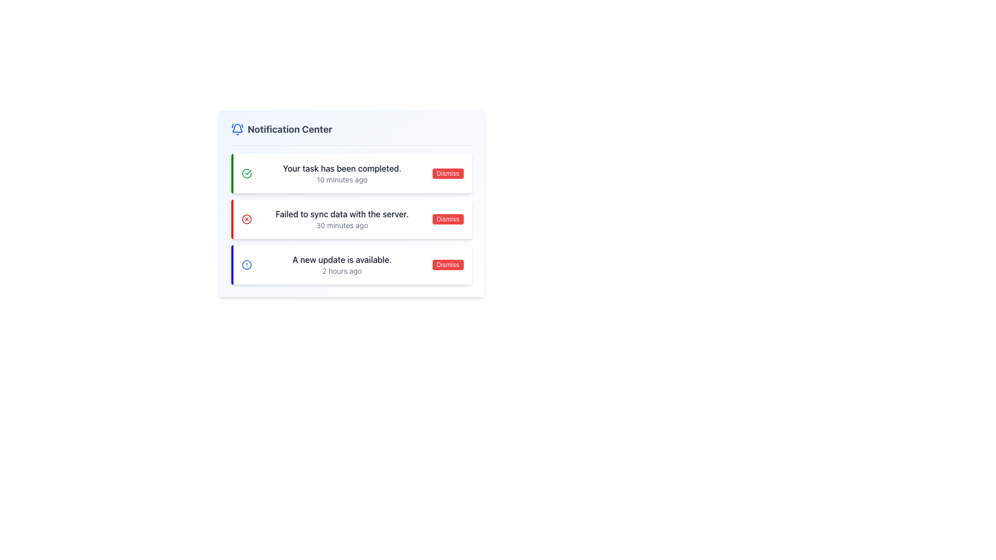 The image size is (996, 560). What do you see at coordinates (342, 259) in the screenshot?
I see `message displayed in the text label that says 'A new update is available.' located inside the third notification card in the Notification Center` at bounding box center [342, 259].